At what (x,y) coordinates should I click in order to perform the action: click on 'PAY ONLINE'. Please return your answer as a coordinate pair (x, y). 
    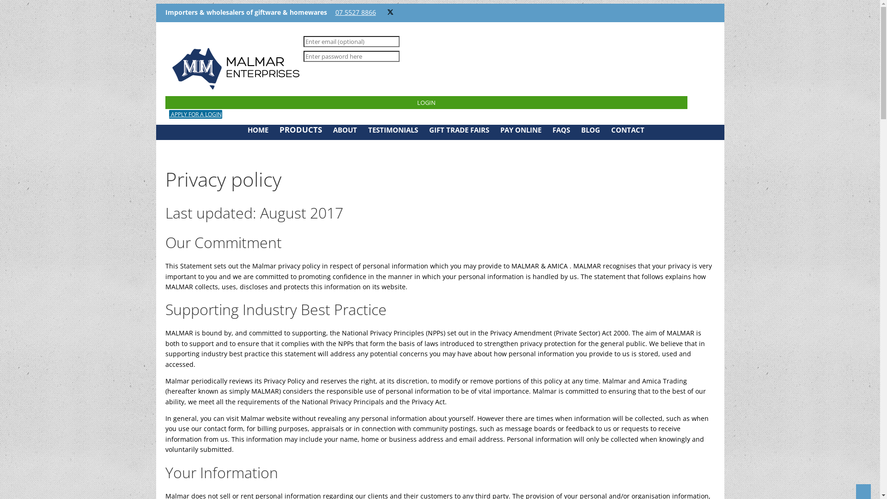
    Looking at the image, I should click on (520, 130).